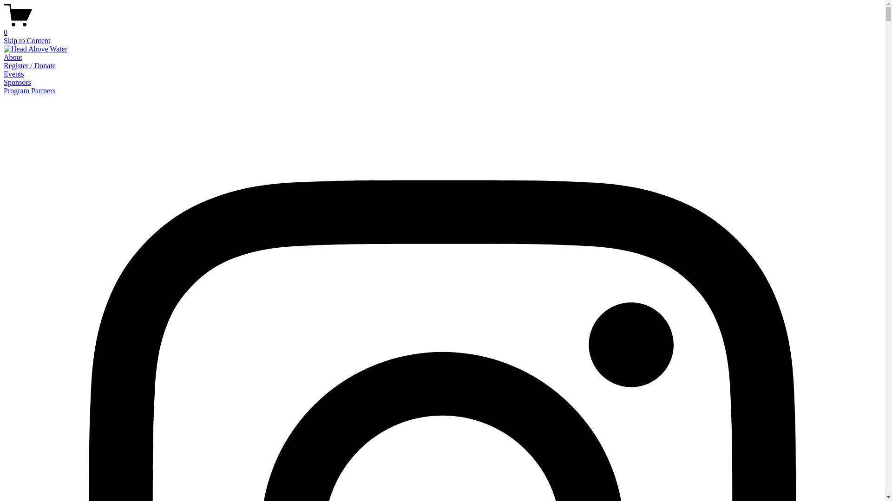 Image resolution: width=892 pixels, height=501 pixels. I want to click on 'About', so click(4, 57).